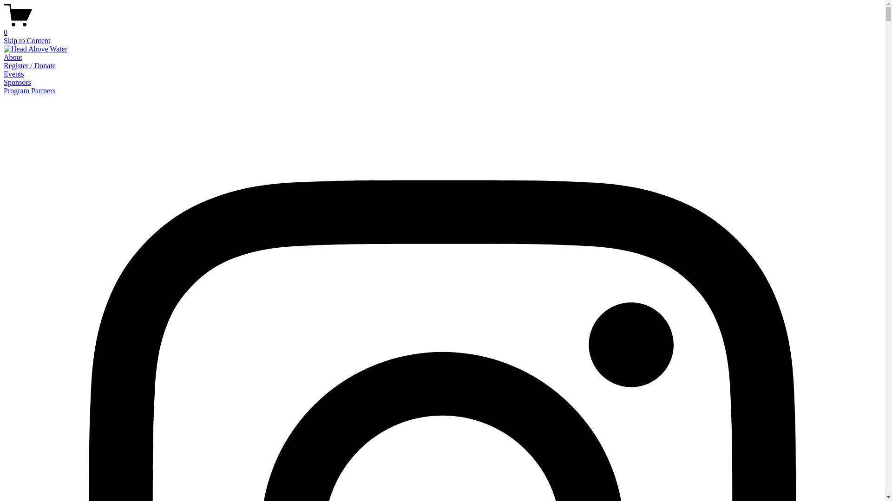 Image resolution: width=892 pixels, height=501 pixels. I want to click on 'About', so click(4, 57).